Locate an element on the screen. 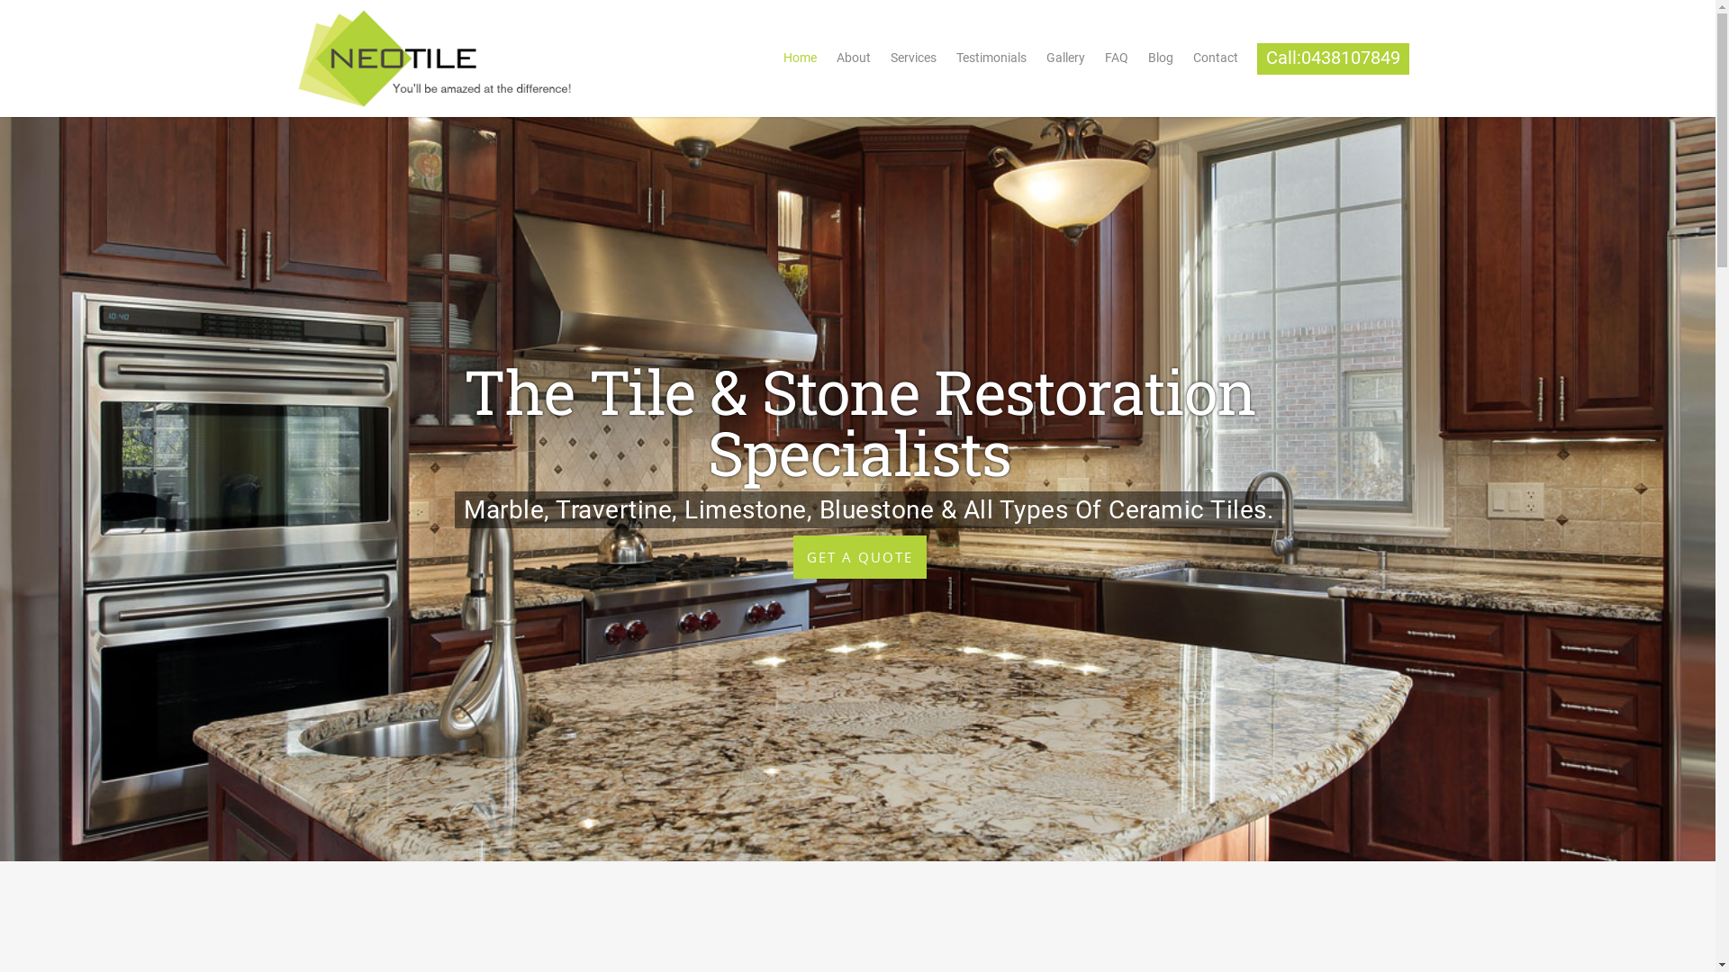 This screenshot has width=1729, height=972. 'Testimonials' is located at coordinates (990, 61).